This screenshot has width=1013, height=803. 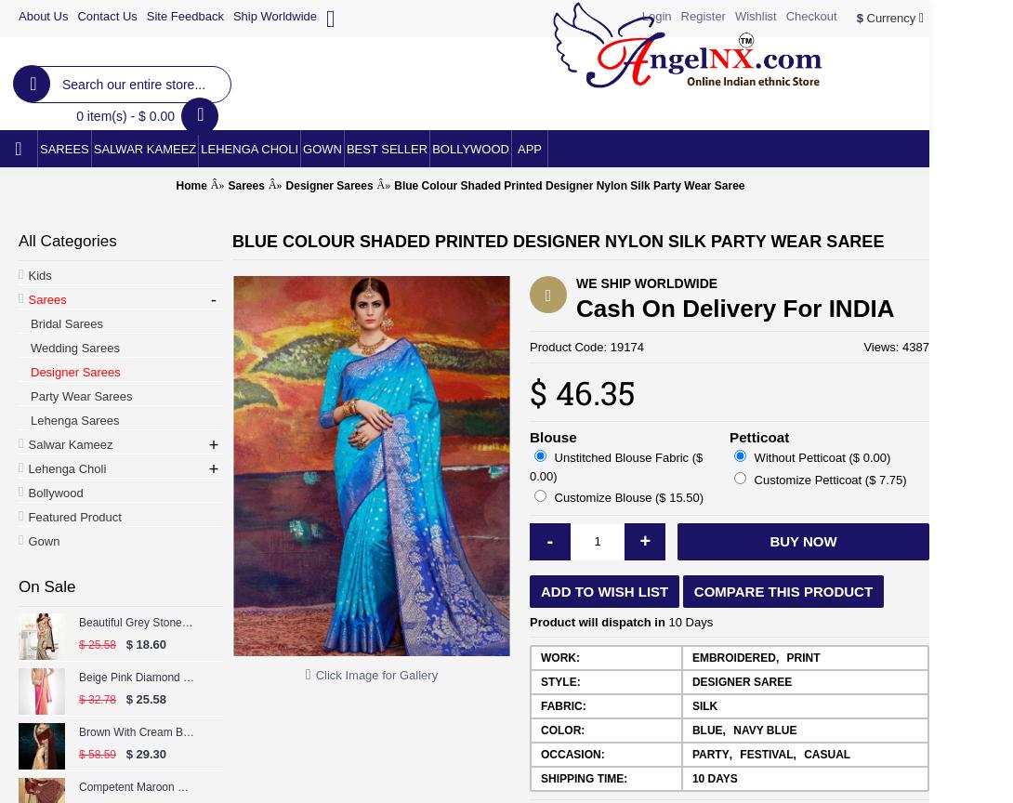 What do you see at coordinates (550, 497) in the screenshot?
I see `'Customize Blouse ($ 15.50)'` at bounding box center [550, 497].